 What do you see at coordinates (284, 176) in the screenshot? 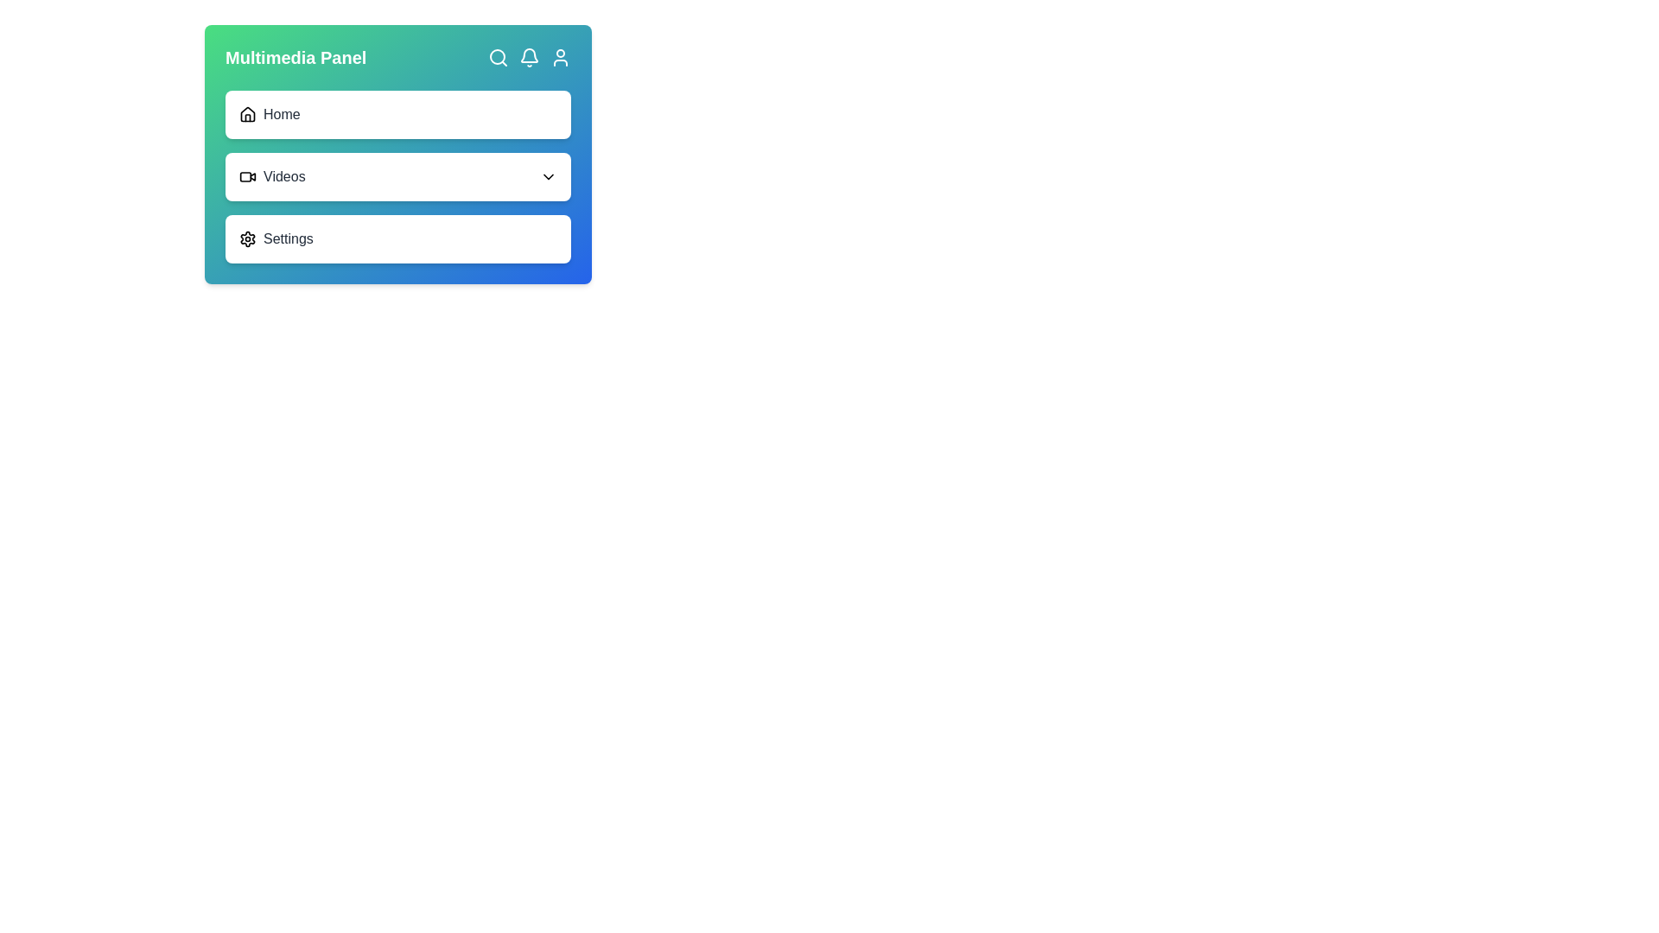
I see `the 'Videos' static text label in the menu to potentially reveal more information or visual feedback` at bounding box center [284, 176].